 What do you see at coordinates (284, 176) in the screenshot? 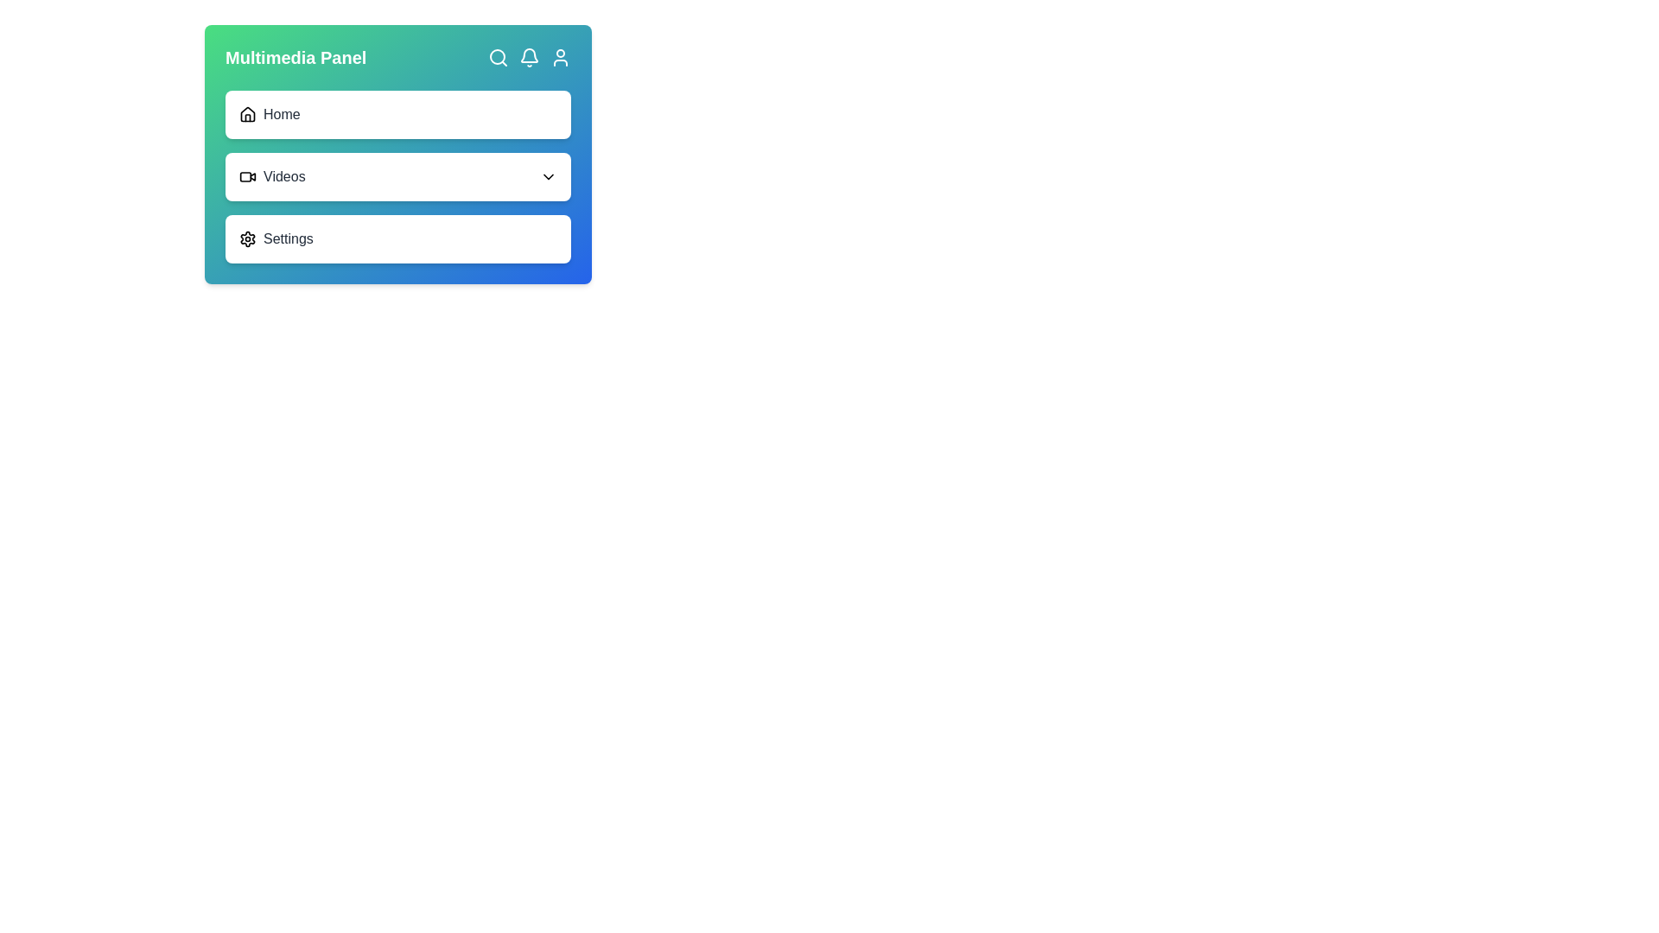
I see `the 'Videos' static text label in the menu to potentially reveal more information or visual feedback` at bounding box center [284, 176].